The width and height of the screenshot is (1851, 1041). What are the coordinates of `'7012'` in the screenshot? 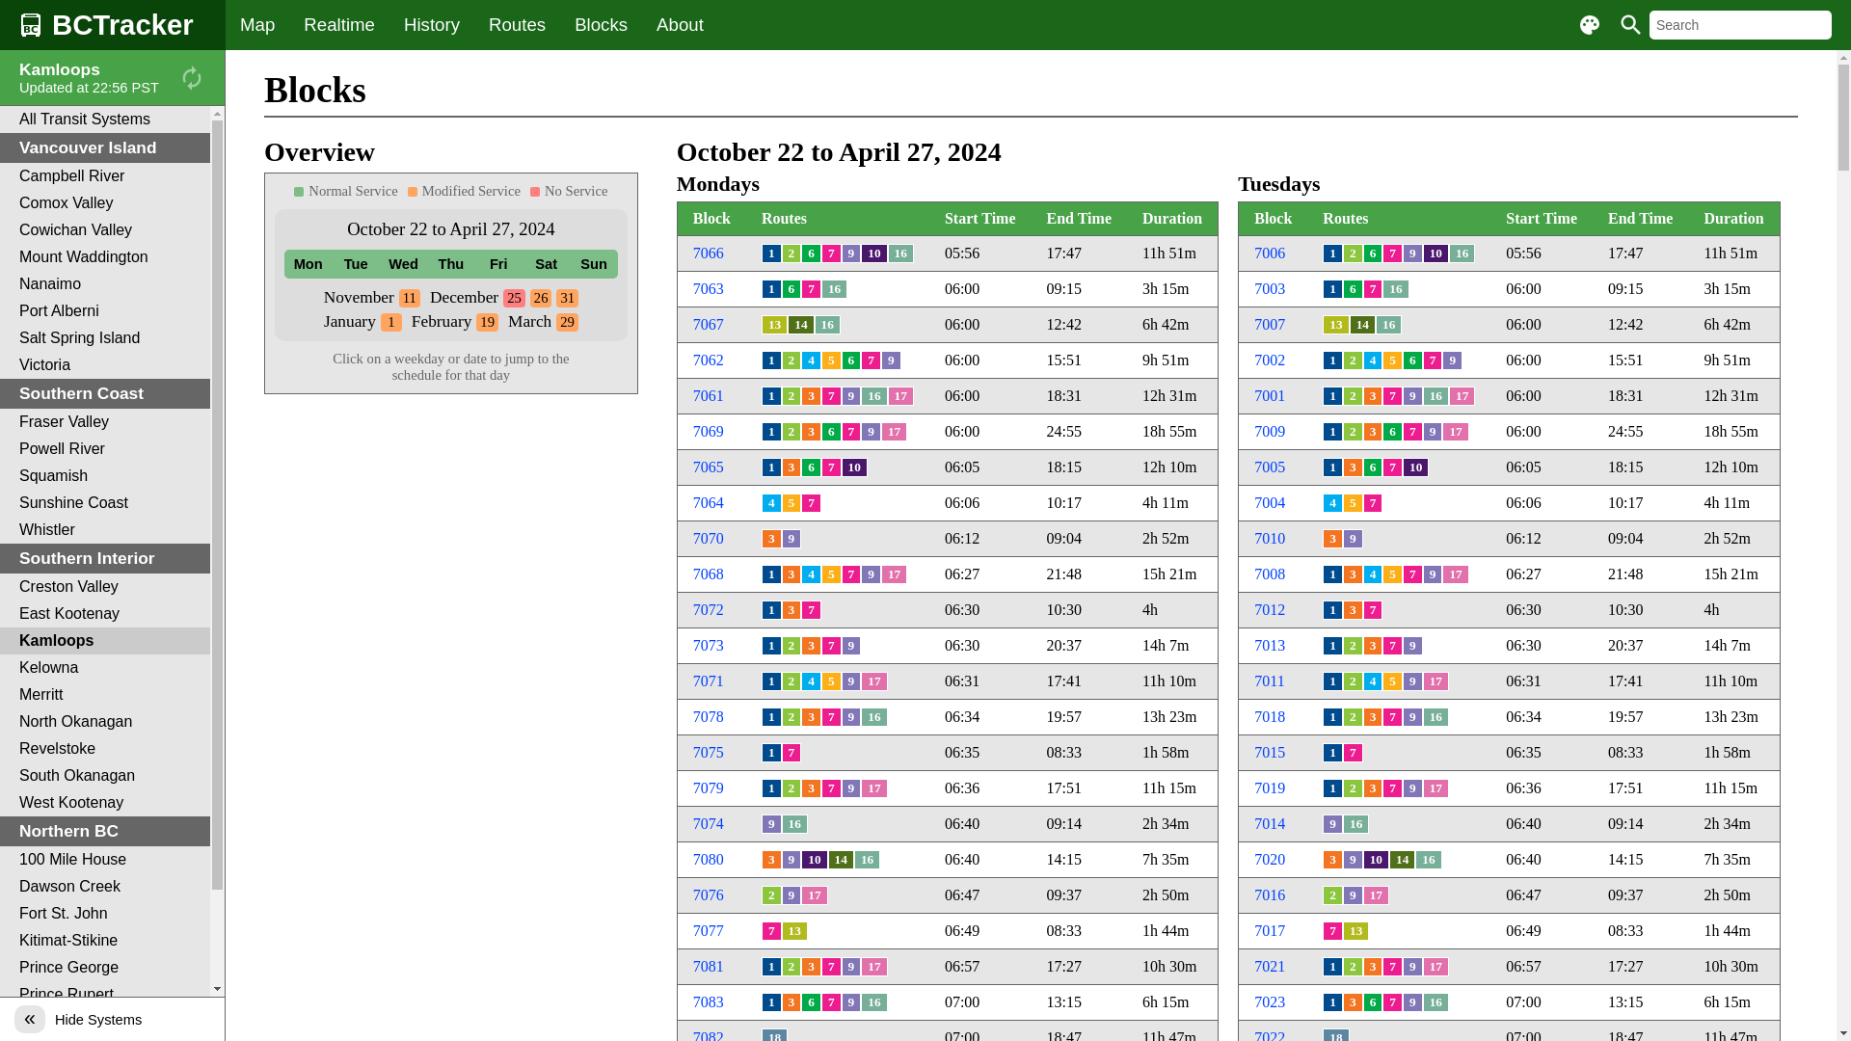 It's located at (1269, 609).